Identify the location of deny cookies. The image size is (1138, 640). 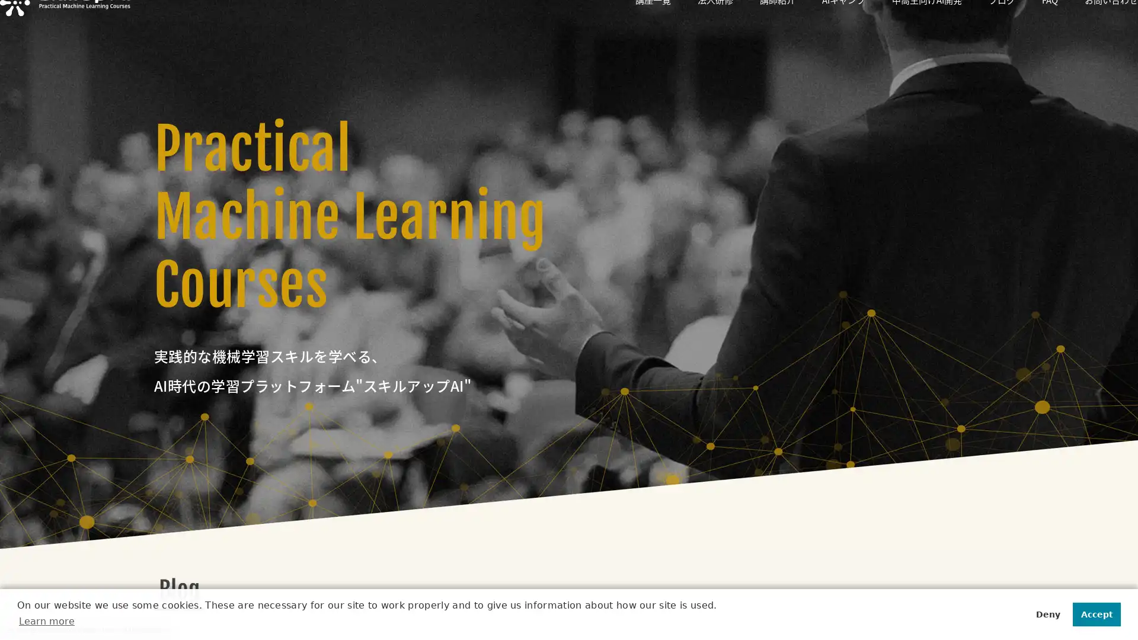
(1047, 613).